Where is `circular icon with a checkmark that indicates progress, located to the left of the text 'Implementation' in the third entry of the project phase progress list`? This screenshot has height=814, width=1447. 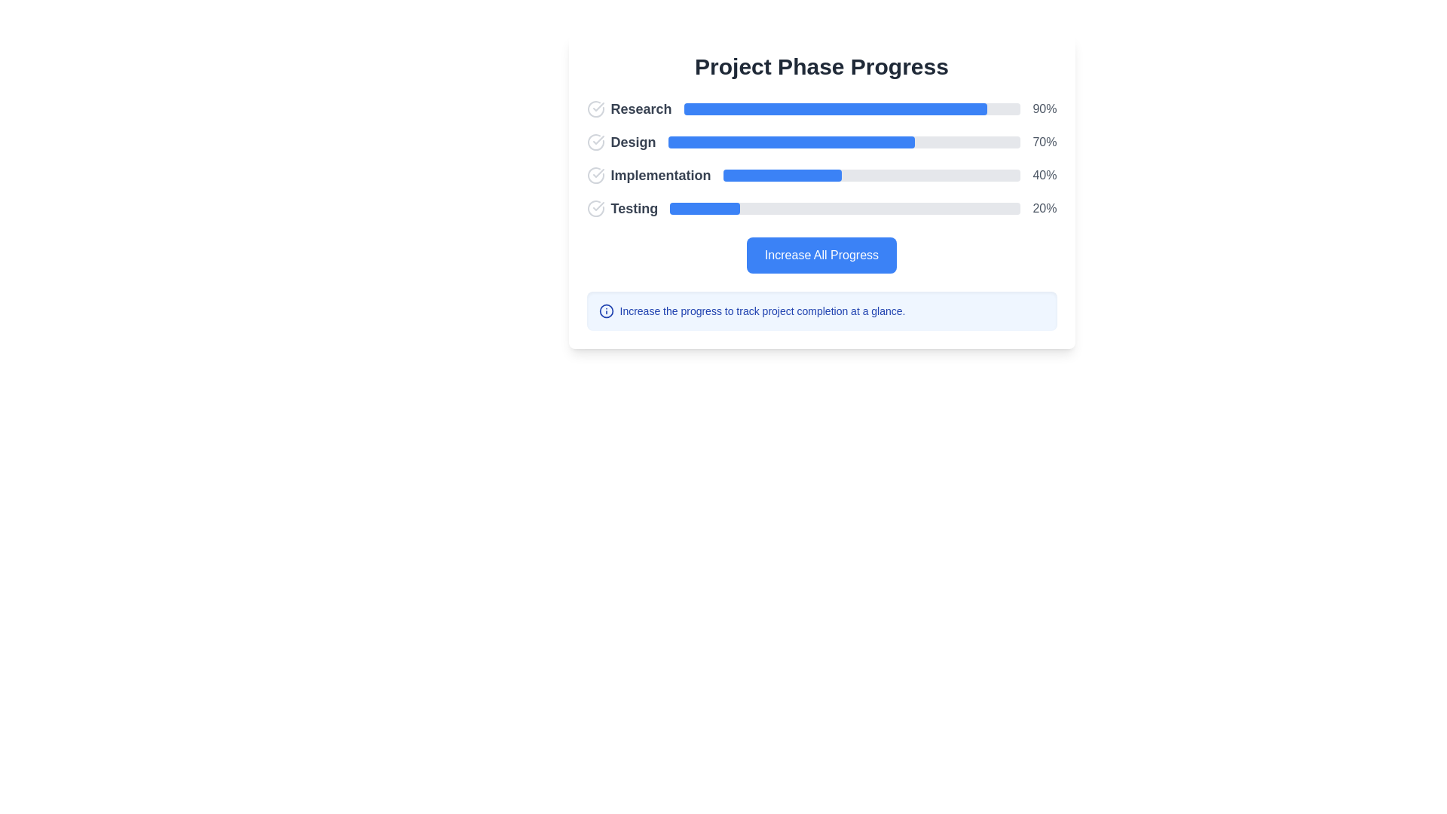
circular icon with a checkmark that indicates progress, located to the left of the text 'Implementation' in the third entry of the project phase progress list is located at coordinates (595, 174).